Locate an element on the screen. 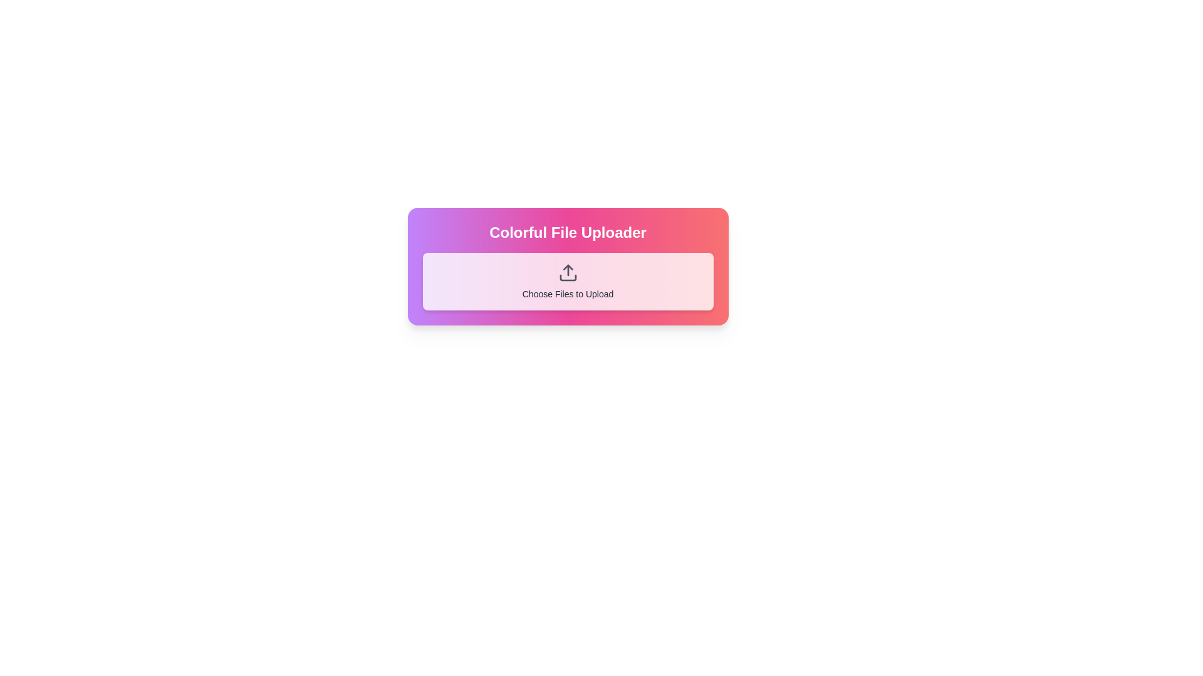 This screenshot has height=676, width=1203. the 'Choose Files to Upload' button, which has an upward-pointing arrow icon and is located within the colorful card below the heading 'Colorful File Uploader' is located at coordinates (567, 282).